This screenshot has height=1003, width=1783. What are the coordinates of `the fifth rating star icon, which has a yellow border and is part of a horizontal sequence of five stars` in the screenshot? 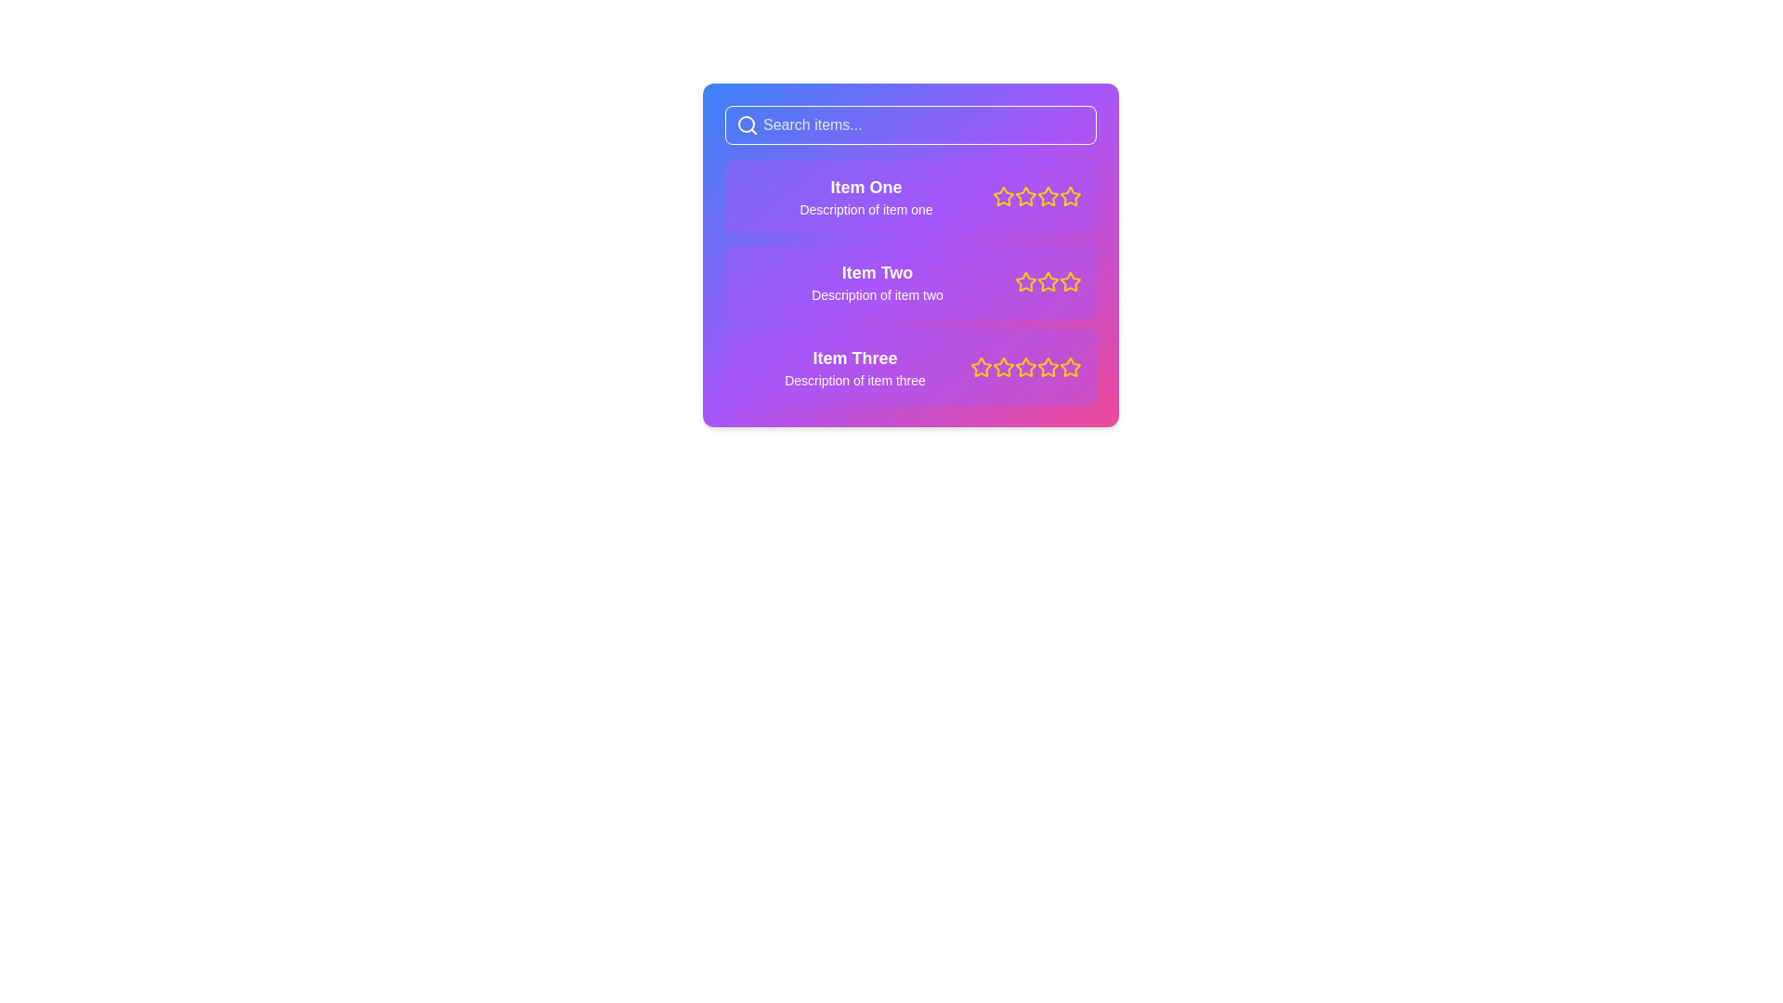 It's located at (1070, 197).